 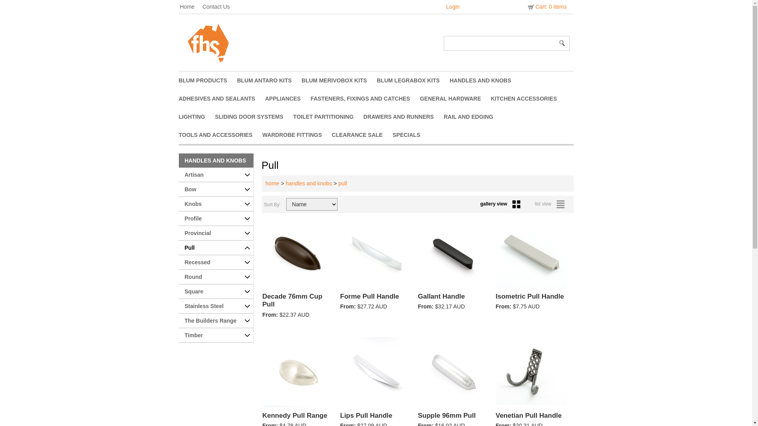 What do you see at coordinates (216, 335) in the screenshot?
I see `'Timber'` at bounding box center [216, 335].